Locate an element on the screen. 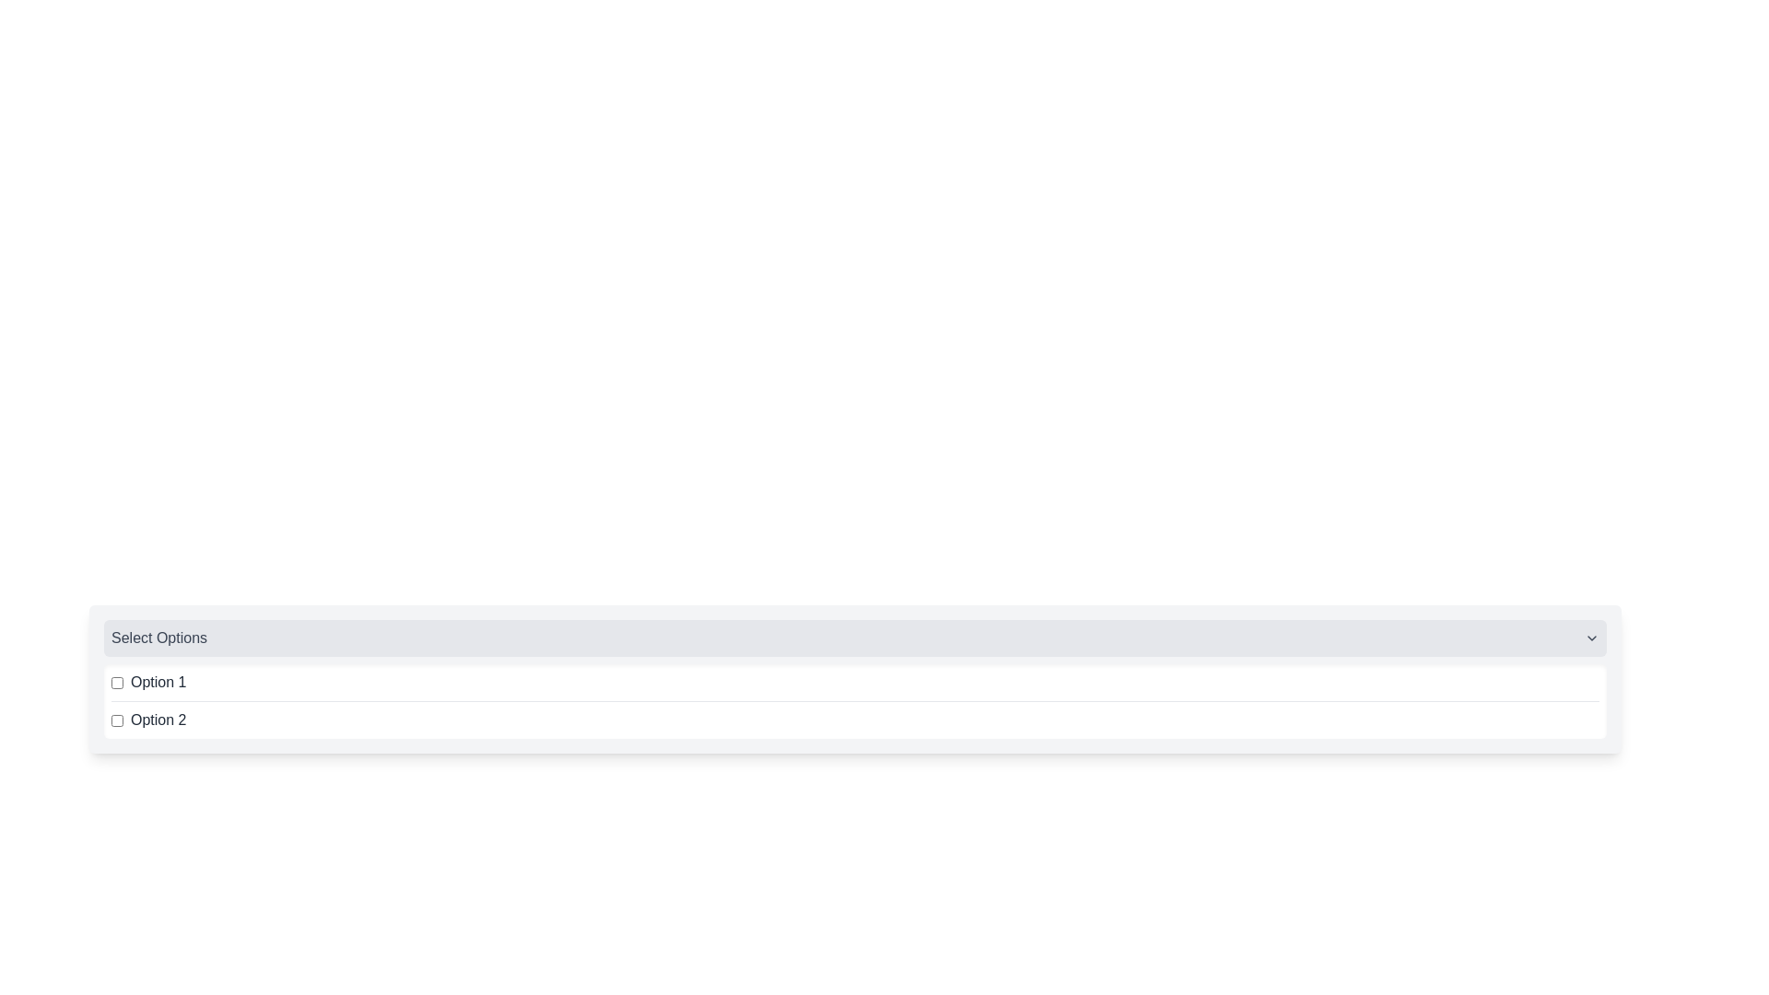 The height and width of the screenshot is (995, 1769). the checkbox labeled 'Option 2' is located at coordinates (116, 720).